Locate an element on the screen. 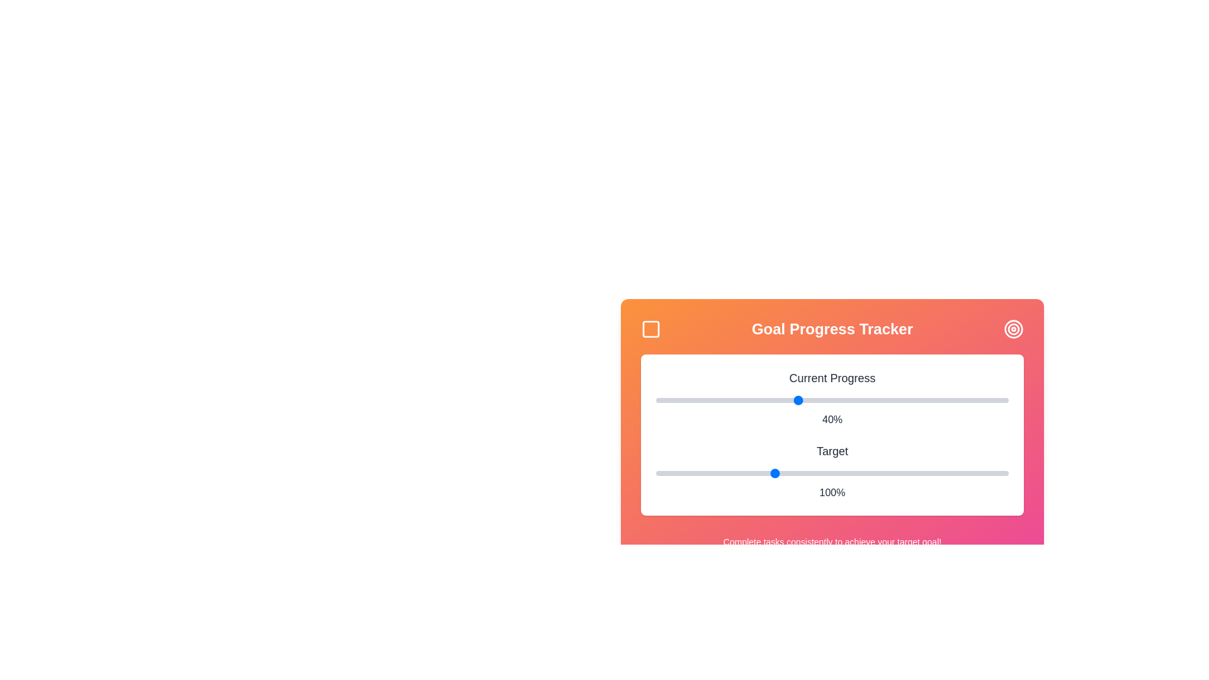 Image resolution: width=1209 pixels, height=680 pixels. the 'Target' slider to set its value to 115 is located at coordinates (809, 473).